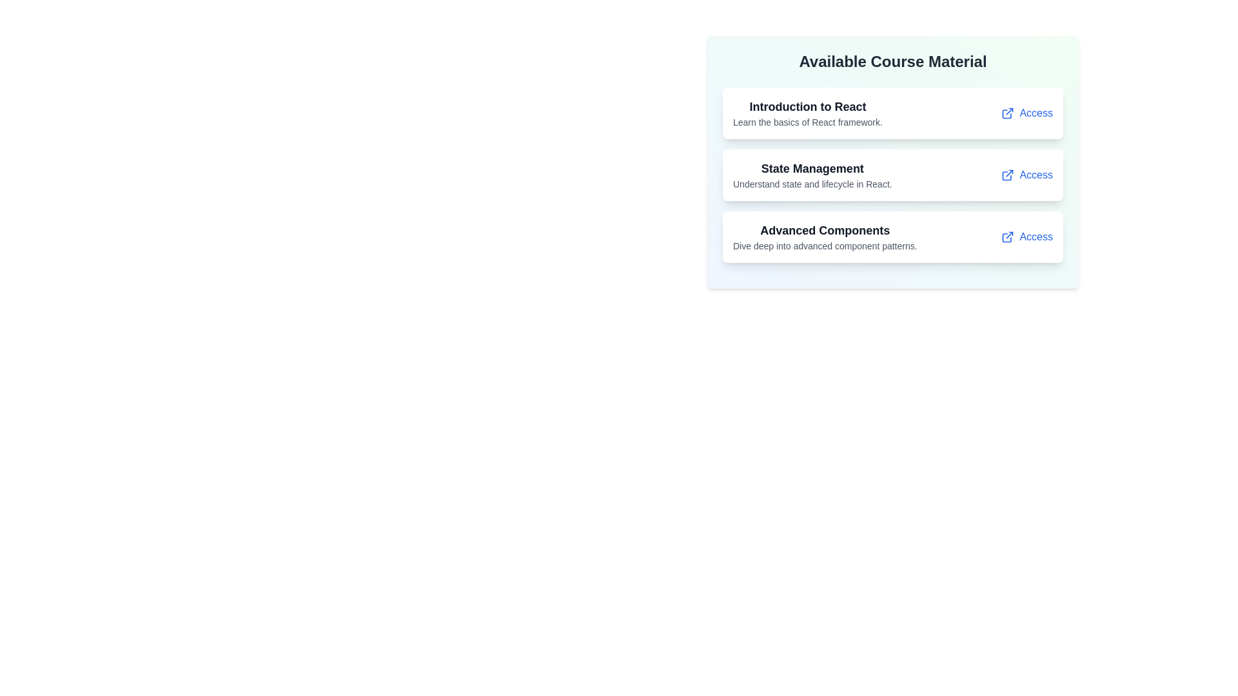 The image size is (1238, 696). I want to click on the 'Access' link for the course material titled 'Introduction to React', so click(1027, 113).